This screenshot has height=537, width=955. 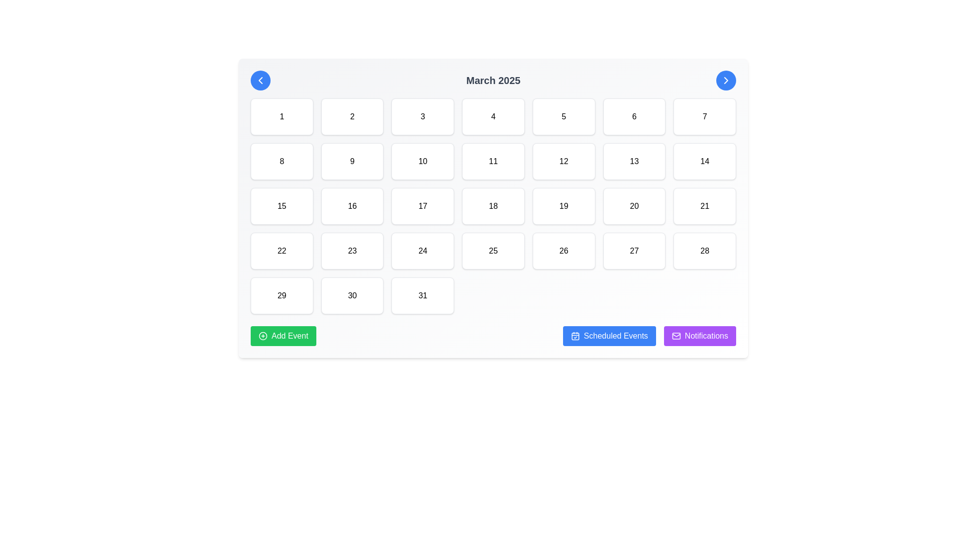 I want to click on the circular blue button with a white right-pointing arrow icon located at the top-right corner of the calendar interface, so click(x=726, y=80).